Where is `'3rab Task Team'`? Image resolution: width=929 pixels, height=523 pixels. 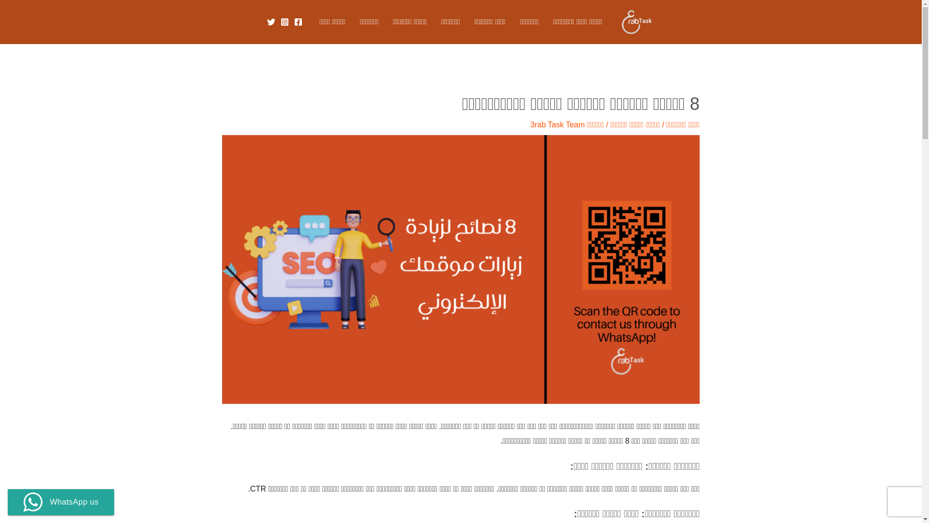
'3rab Task Team' is located at coordinates (557, 124).